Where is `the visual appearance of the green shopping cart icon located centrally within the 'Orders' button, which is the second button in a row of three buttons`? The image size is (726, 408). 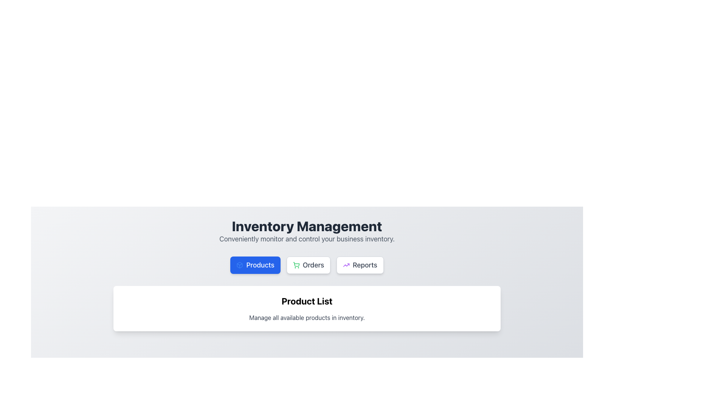 the visual appearance of the green shopping cart icon located centrally within the 'Orders' button, which is the second button in a row of three buttons is located at coordinates (296, 265).